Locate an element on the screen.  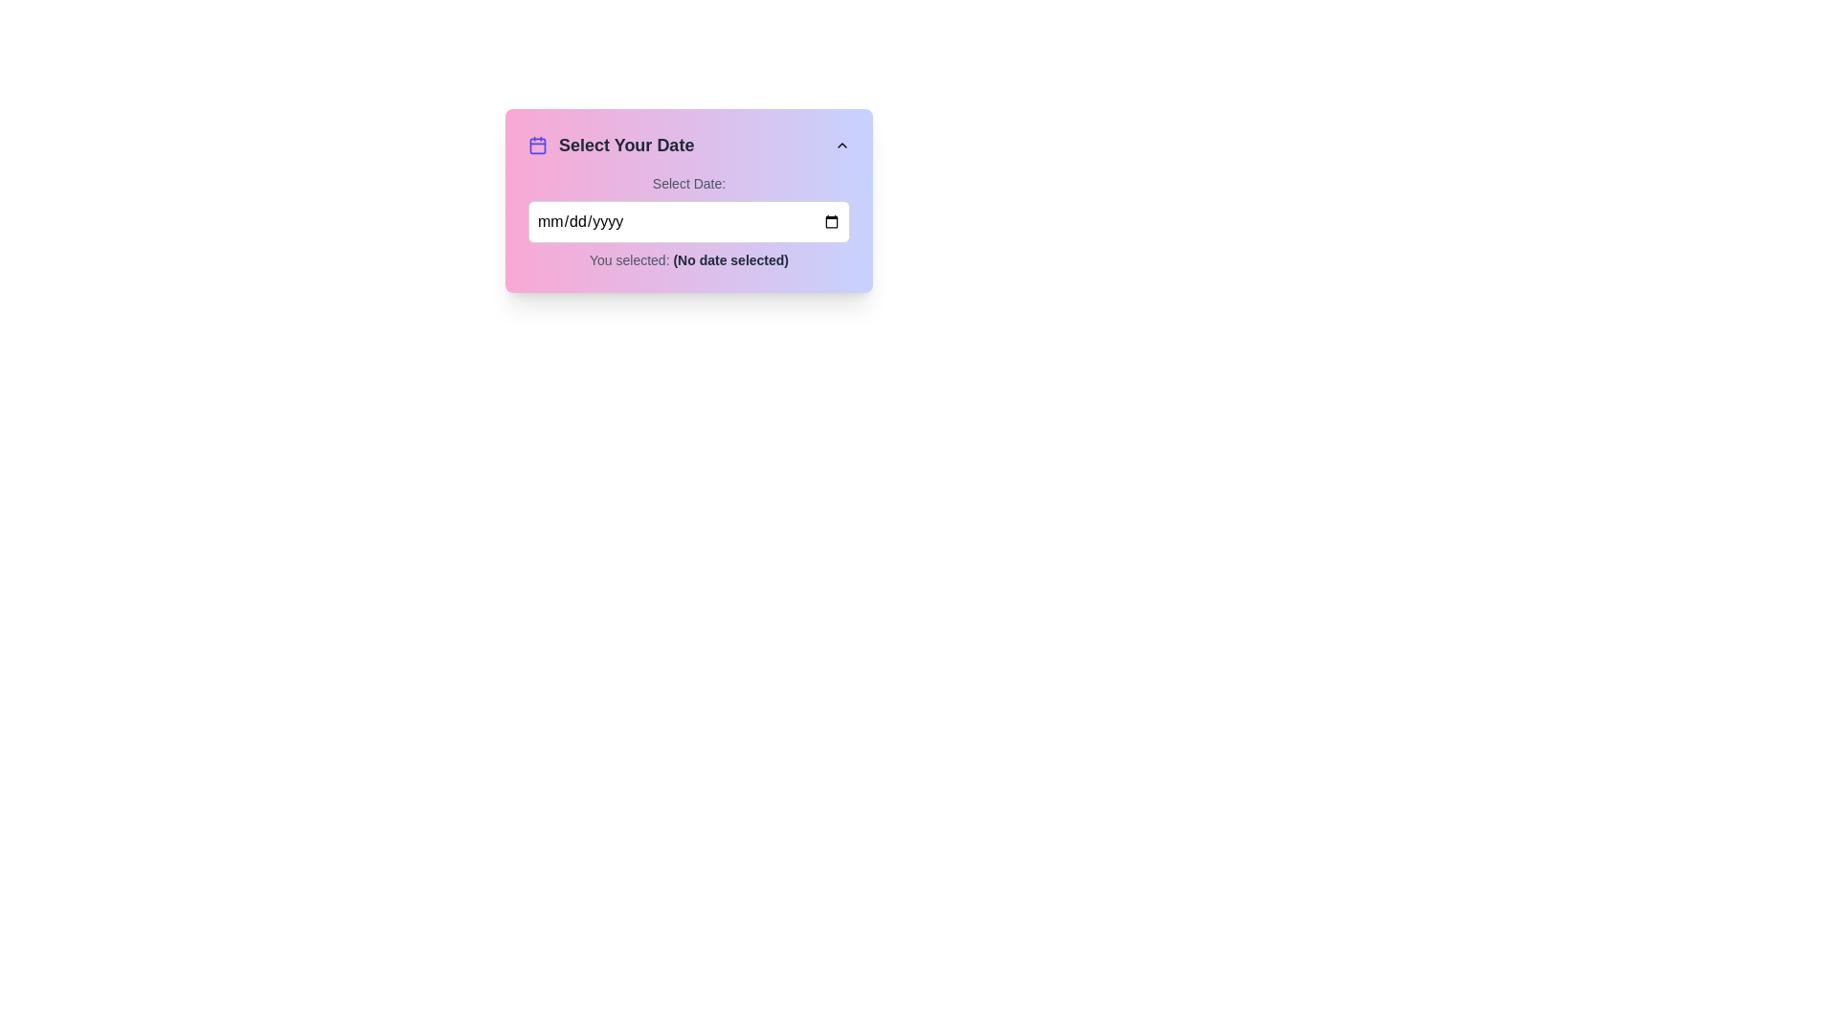
a date from the date picker in the user input section titled 'Select Your Date', which includes an input field for date selection is located at coordinates (689, 200).